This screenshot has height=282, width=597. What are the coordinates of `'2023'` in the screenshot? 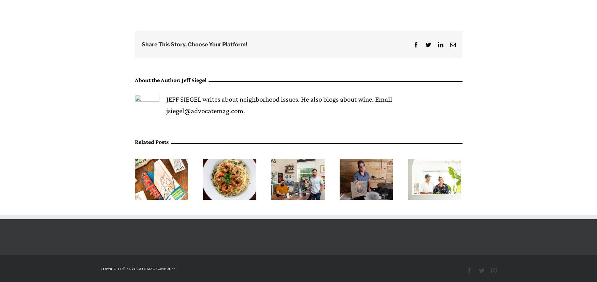 It's located at (171, 268).